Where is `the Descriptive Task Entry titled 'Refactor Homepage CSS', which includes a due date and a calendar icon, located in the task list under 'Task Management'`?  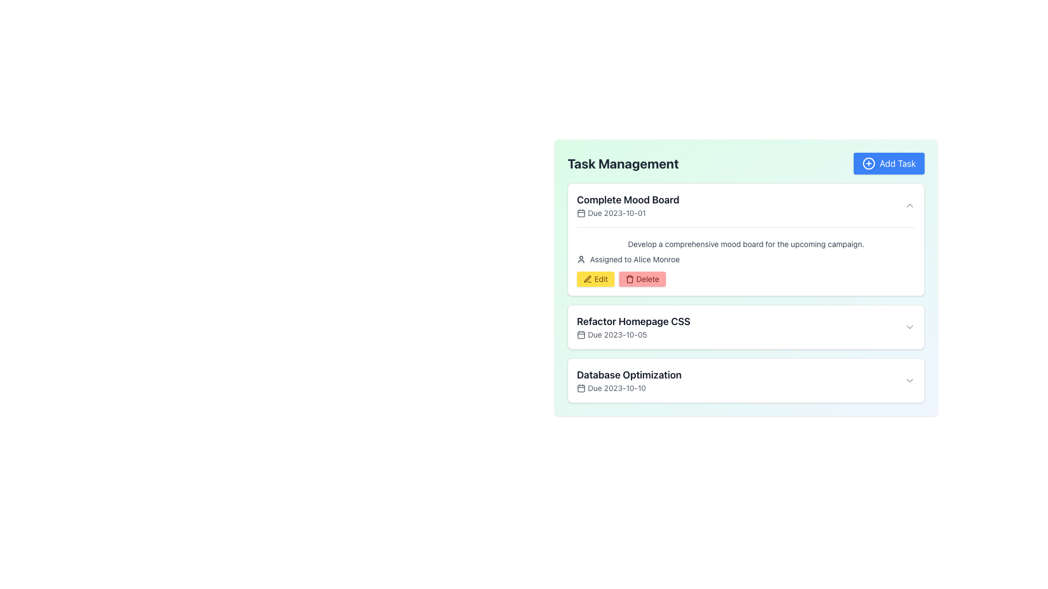
the Descriptive Task Entry titled 'Refactor Homepage CSS', which includes a due date and a calendar icon, located in the task list under 'Task Management' is located at coordinates (634, 327).